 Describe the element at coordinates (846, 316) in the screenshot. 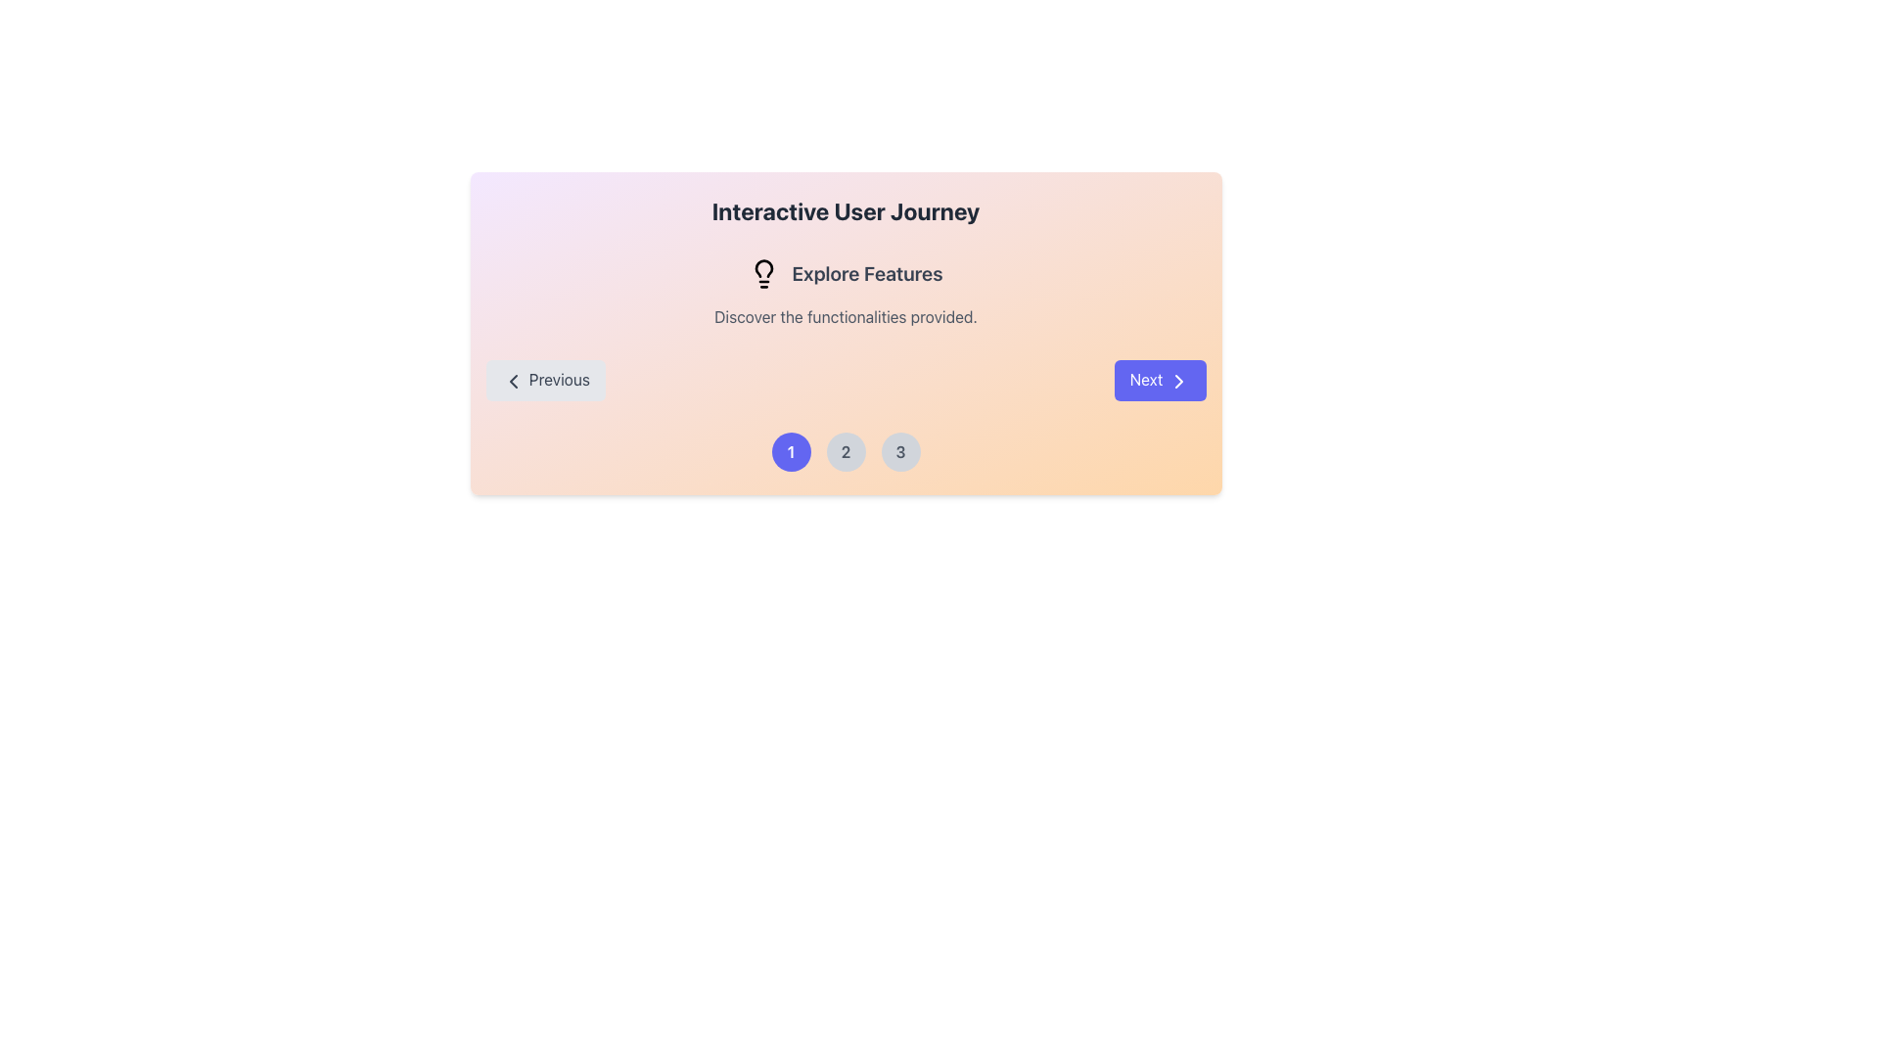

I see `the static text label that reads 'Discover the functionalities provided.' positioned below the header 'Explore Features' and the lightbulb icon` at that location.